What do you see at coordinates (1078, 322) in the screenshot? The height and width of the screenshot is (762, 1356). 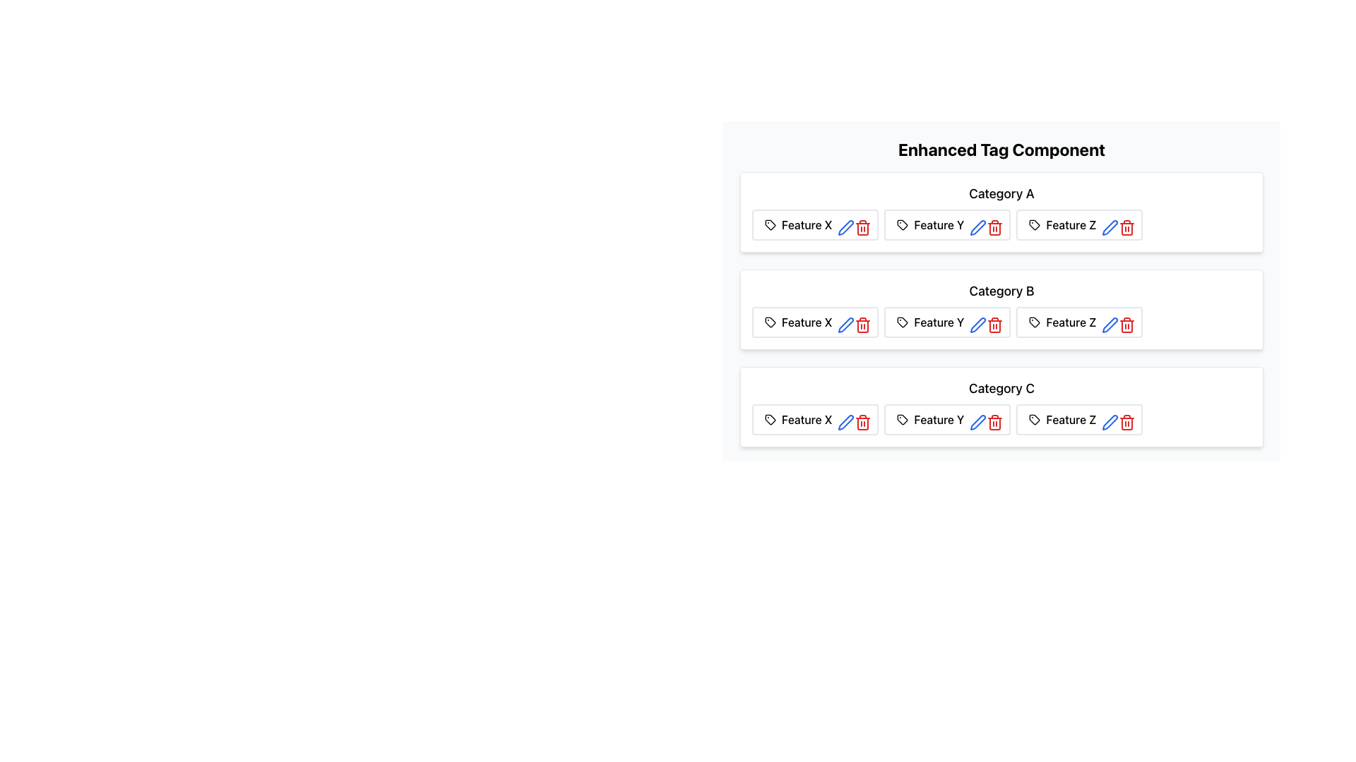 I see `the button-like card element with a cyan background and interactive icons, labeled 'Feature Z', located` at bounding box center [1078, 322].